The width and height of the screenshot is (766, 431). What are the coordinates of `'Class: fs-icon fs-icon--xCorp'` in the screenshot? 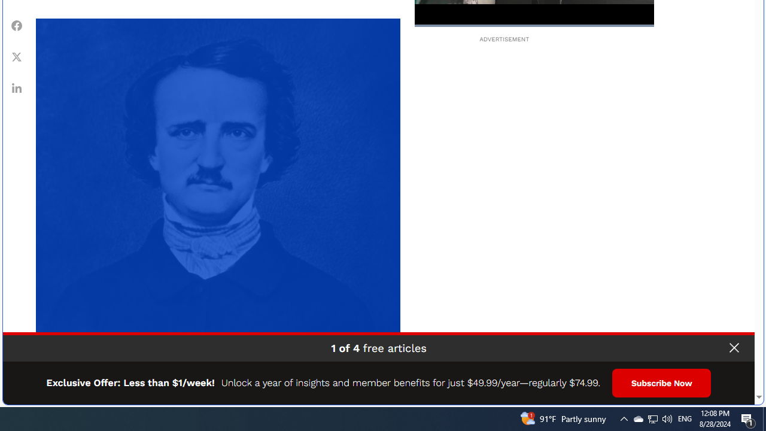 It's located at (17, 57).